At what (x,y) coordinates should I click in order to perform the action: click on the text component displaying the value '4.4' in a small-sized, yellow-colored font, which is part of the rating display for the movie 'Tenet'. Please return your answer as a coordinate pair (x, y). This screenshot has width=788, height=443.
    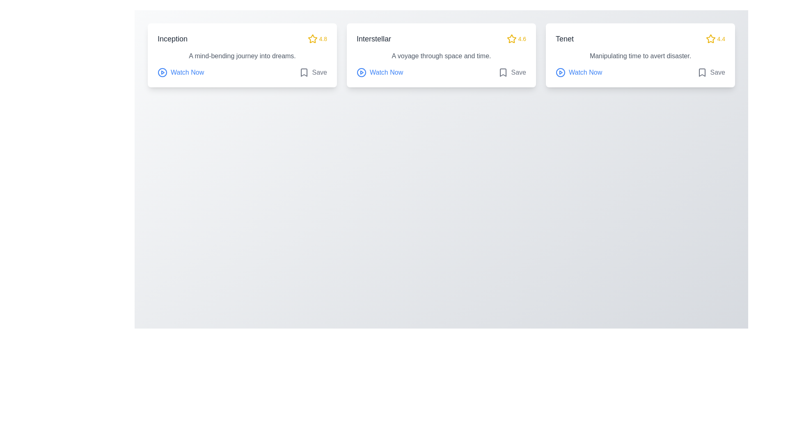
    Looking at the image, I should click on (721, 39).